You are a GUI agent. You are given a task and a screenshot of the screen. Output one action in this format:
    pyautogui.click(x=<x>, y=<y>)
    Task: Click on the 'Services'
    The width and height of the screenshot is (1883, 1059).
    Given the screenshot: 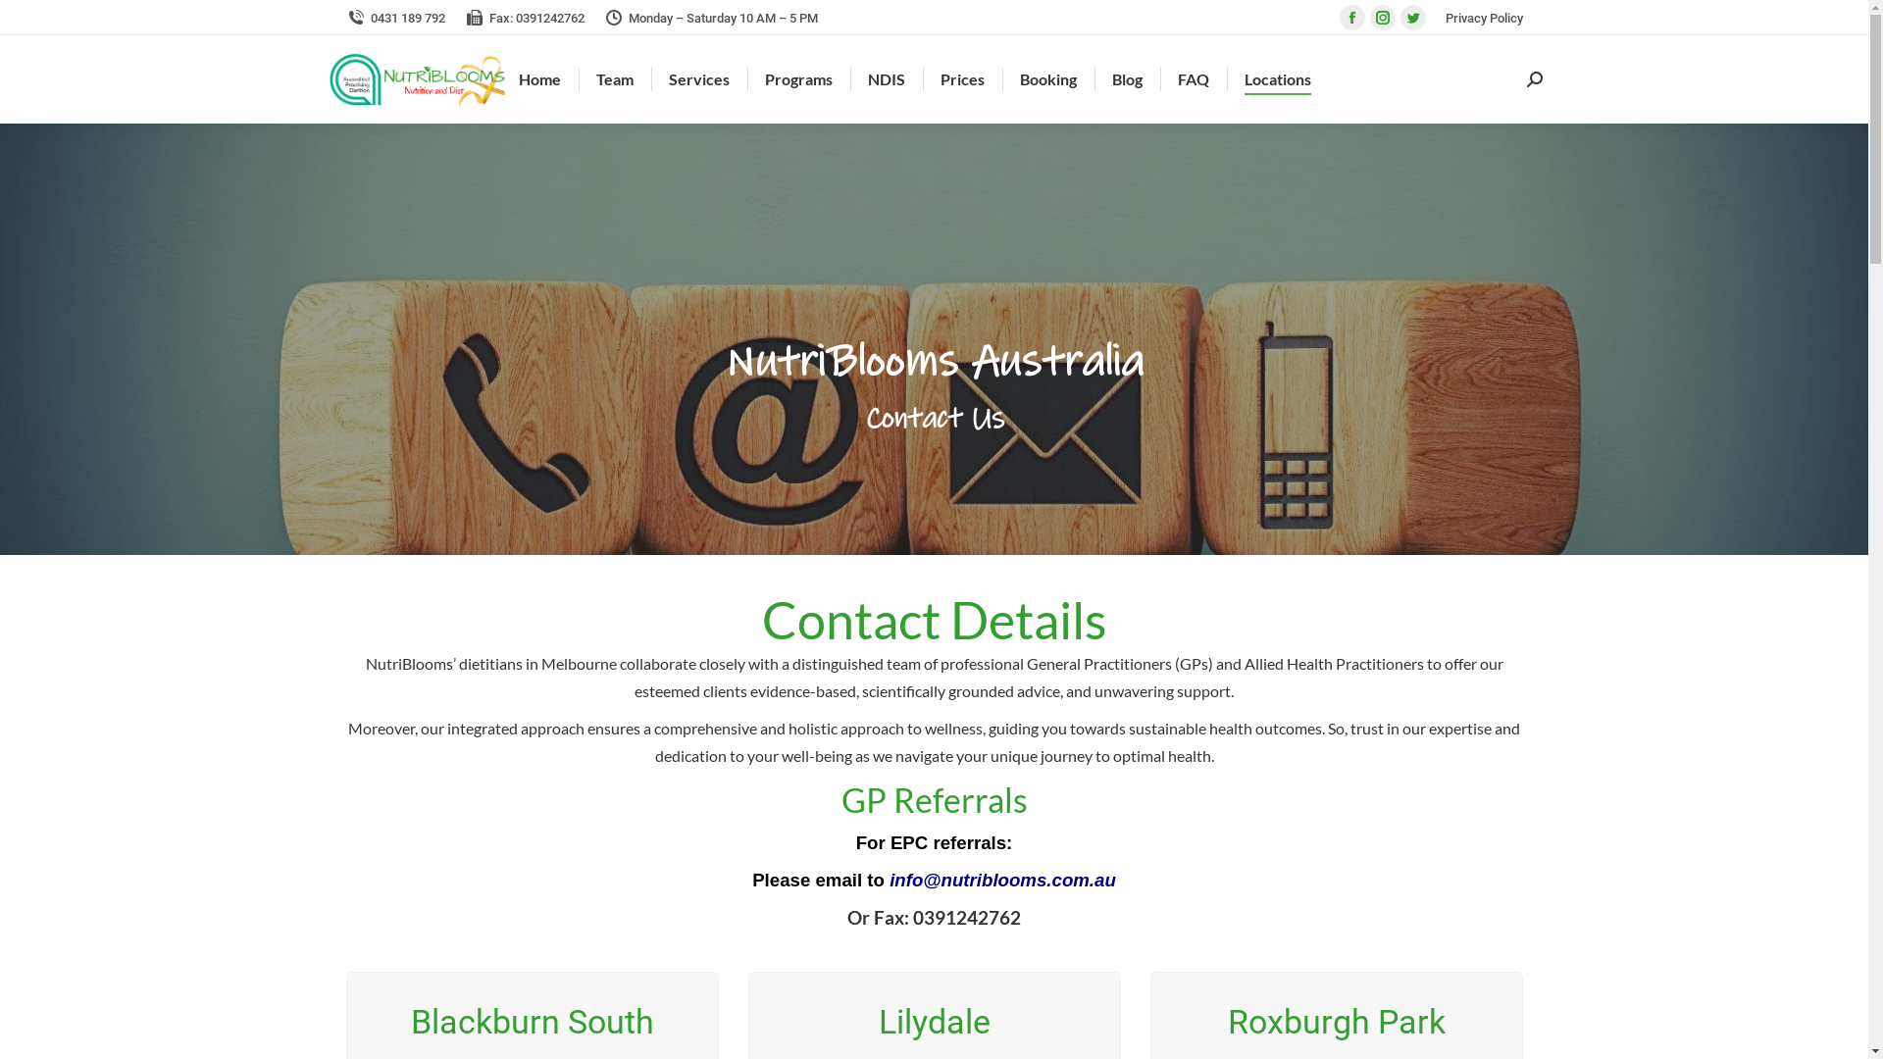 What is the action you would take?
    pyautogui.click(x=699, y=78)
    